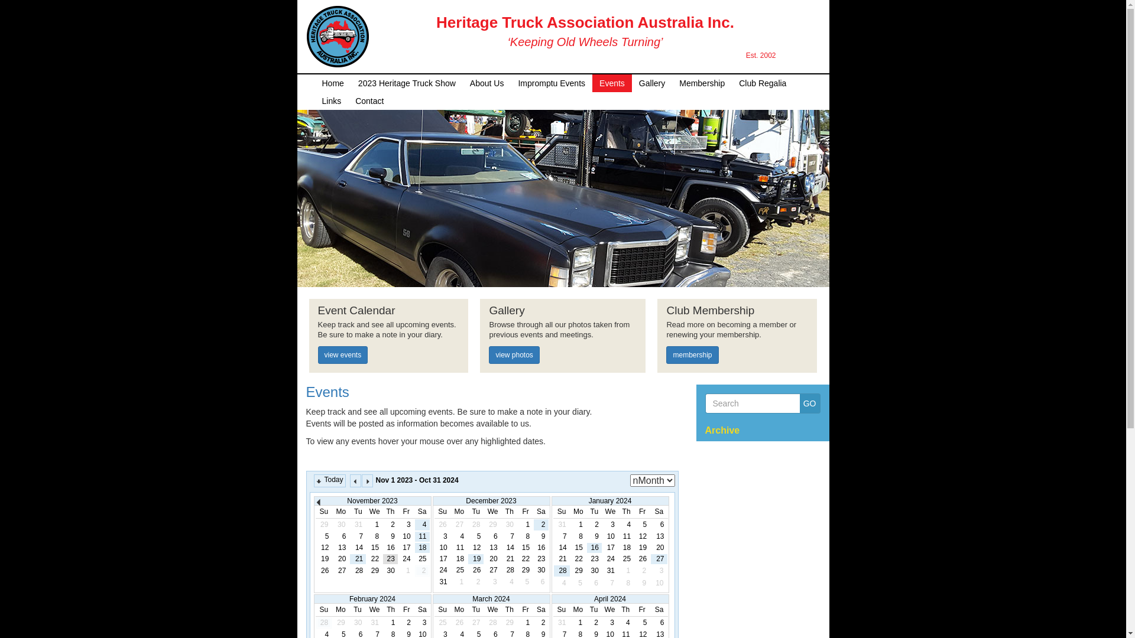  What do you see at coordinates (514, 354) in the screenshot?
I see `'view photos'` at bounding box center [514, 354].